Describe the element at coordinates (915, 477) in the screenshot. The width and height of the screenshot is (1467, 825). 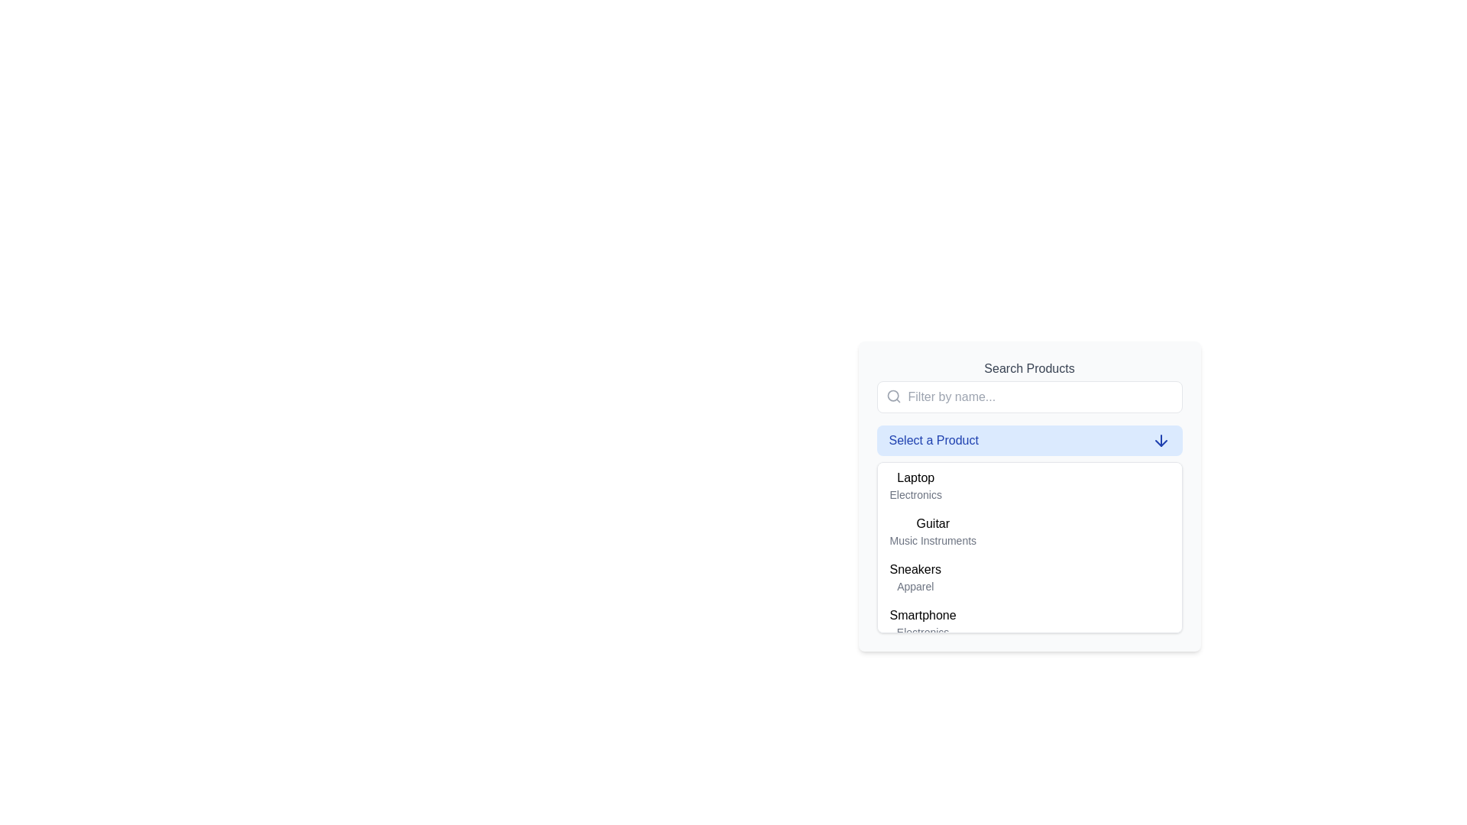
I see `the 'Laptop' text label within the selectable dropdown item` at that location.